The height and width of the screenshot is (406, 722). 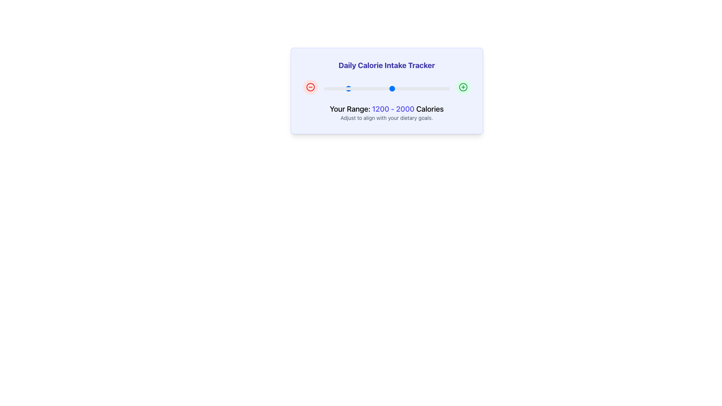 I want to click on the calorie value, so click(x=357, y=88).